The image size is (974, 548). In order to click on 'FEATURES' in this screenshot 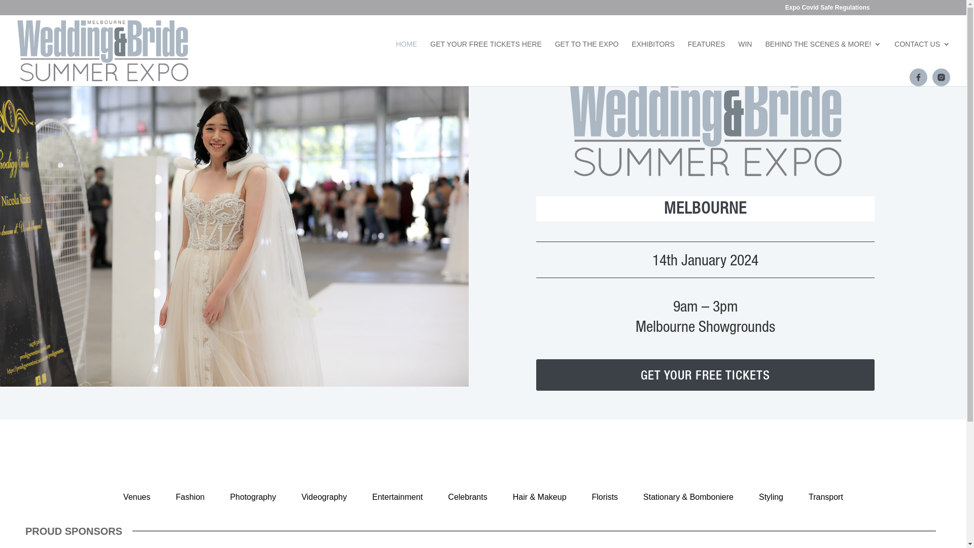, I will do `click(688, 56)`.